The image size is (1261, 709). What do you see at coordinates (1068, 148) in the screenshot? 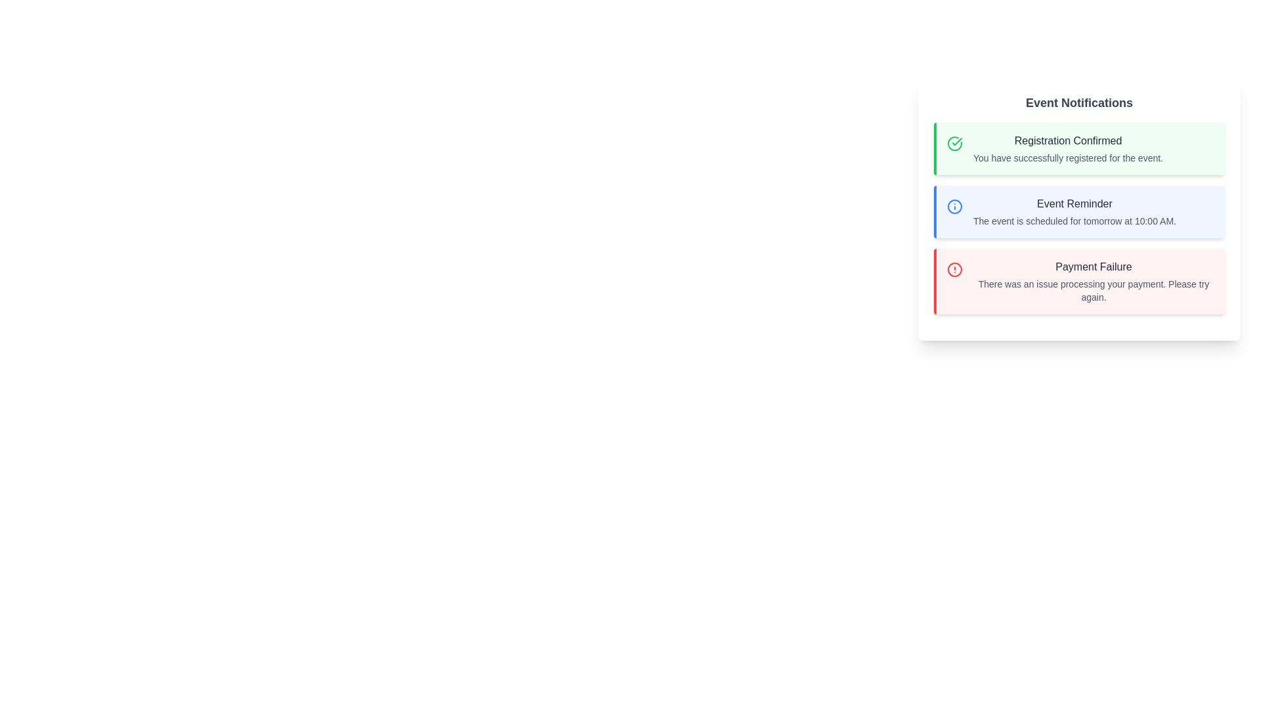
I see `the text content block that displays the message about successful registration for an event, located in the green notification box at the top of the 'Event Notifications' section` at bounding box center [1068, 148].